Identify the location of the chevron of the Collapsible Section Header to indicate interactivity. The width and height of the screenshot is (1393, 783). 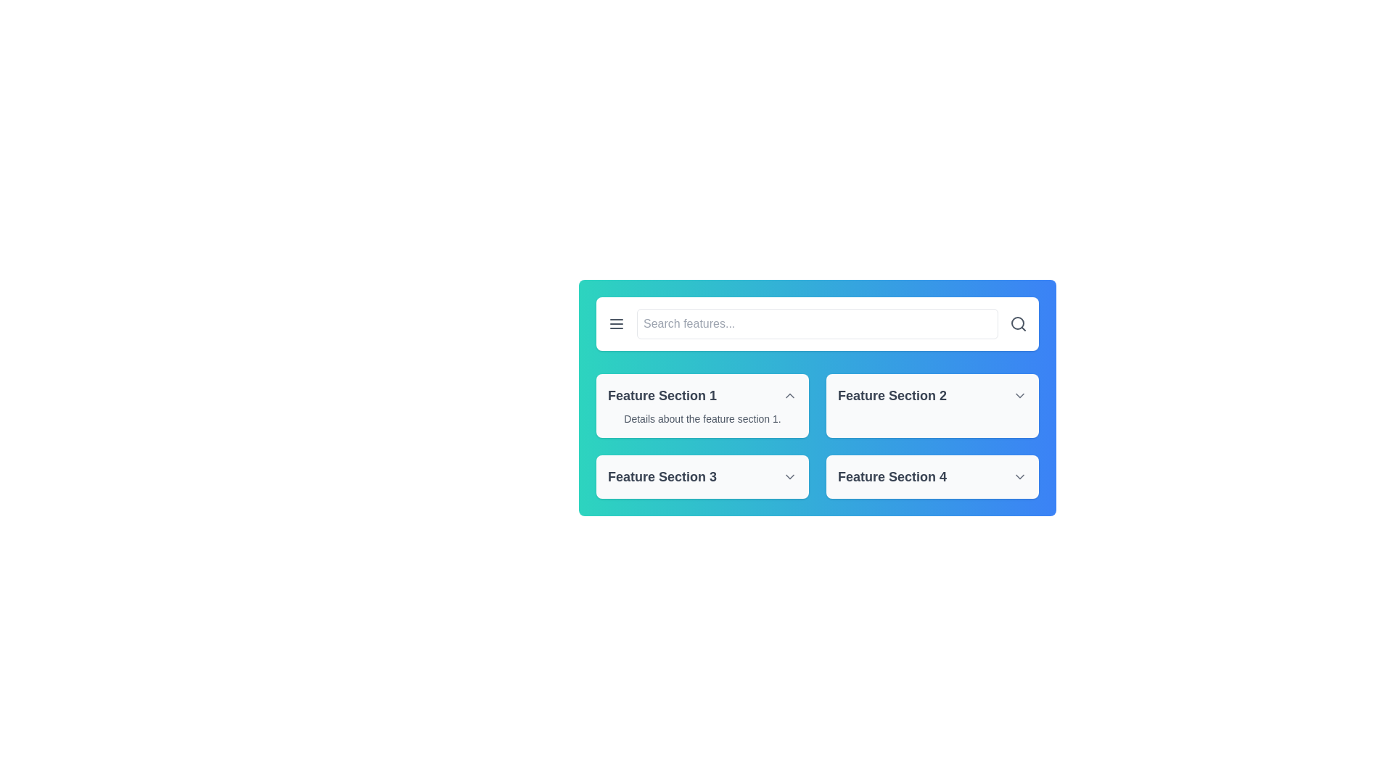
(702, 477).